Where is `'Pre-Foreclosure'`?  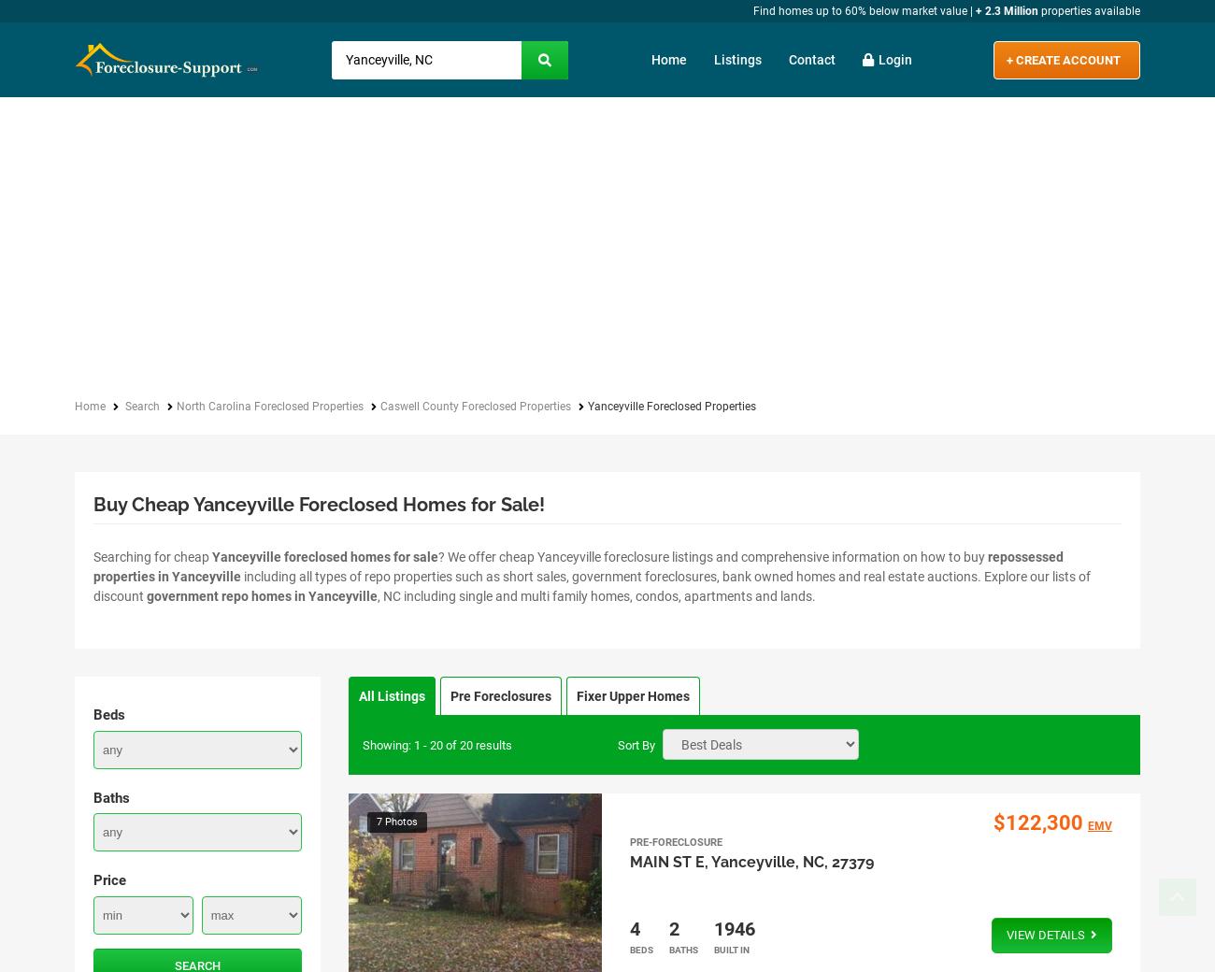
'Pre-Foreclosure' is located at coordinates (675, 840).